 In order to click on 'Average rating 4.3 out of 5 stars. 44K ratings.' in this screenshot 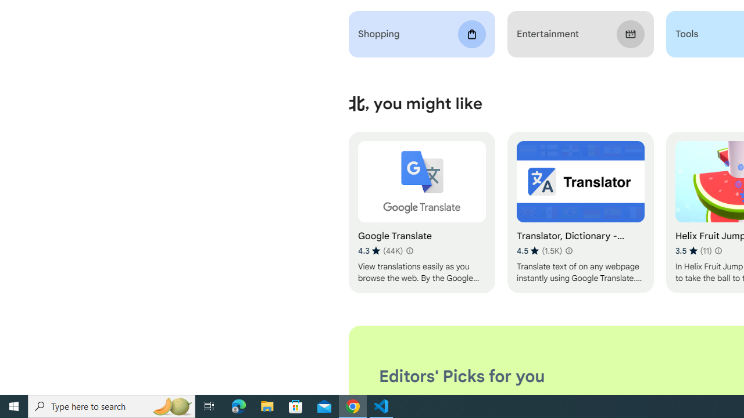, I will do `click(380, 250)`.